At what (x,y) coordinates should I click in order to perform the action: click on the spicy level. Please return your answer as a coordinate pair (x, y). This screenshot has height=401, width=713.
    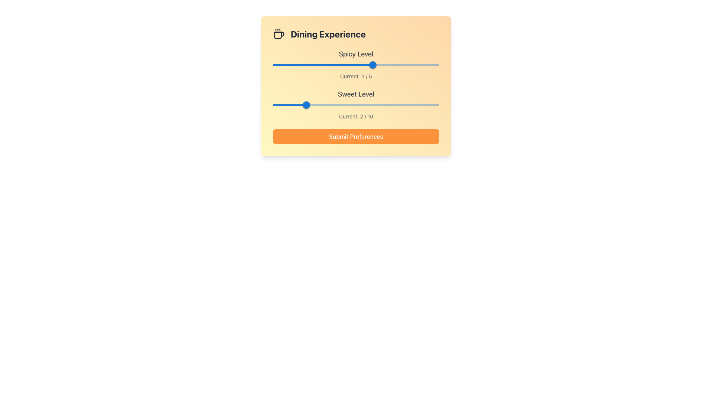
    Looking at the image, I should click on (406, 64).